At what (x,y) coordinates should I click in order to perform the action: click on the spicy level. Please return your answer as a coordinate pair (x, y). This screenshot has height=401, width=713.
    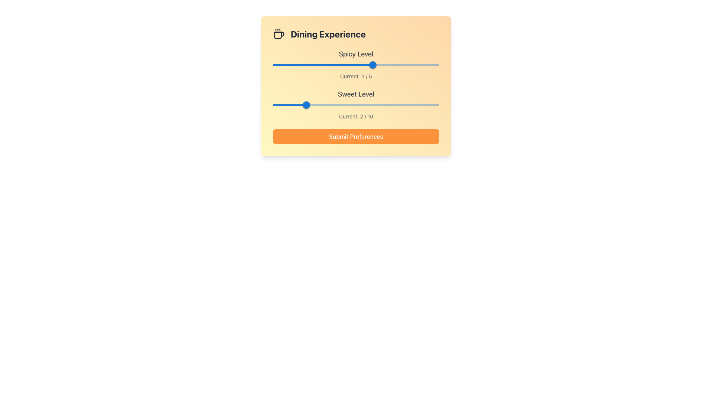
    Looking at the image, I should click on (406, 64).